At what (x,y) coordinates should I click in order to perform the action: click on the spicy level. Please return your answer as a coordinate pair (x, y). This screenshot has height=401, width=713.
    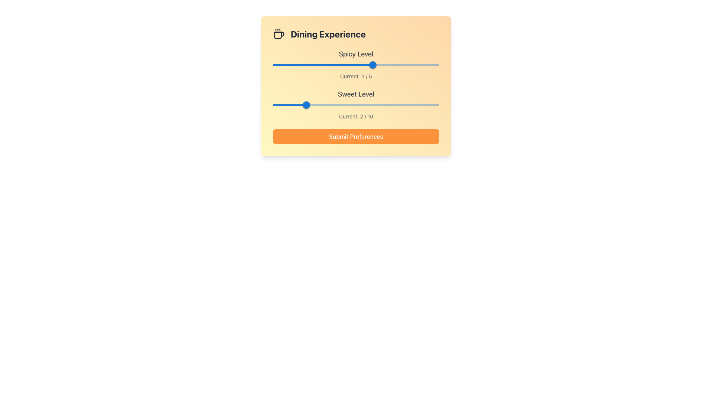
    Looking at the image, I should click on (406, 64).